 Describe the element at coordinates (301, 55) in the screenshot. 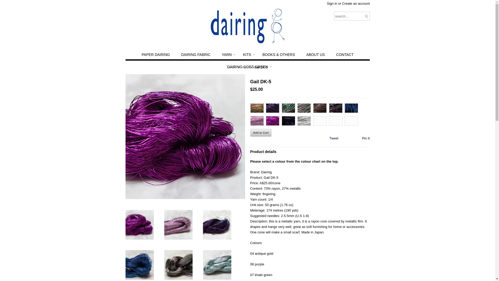

I see `'ABOUT US'` at that location.